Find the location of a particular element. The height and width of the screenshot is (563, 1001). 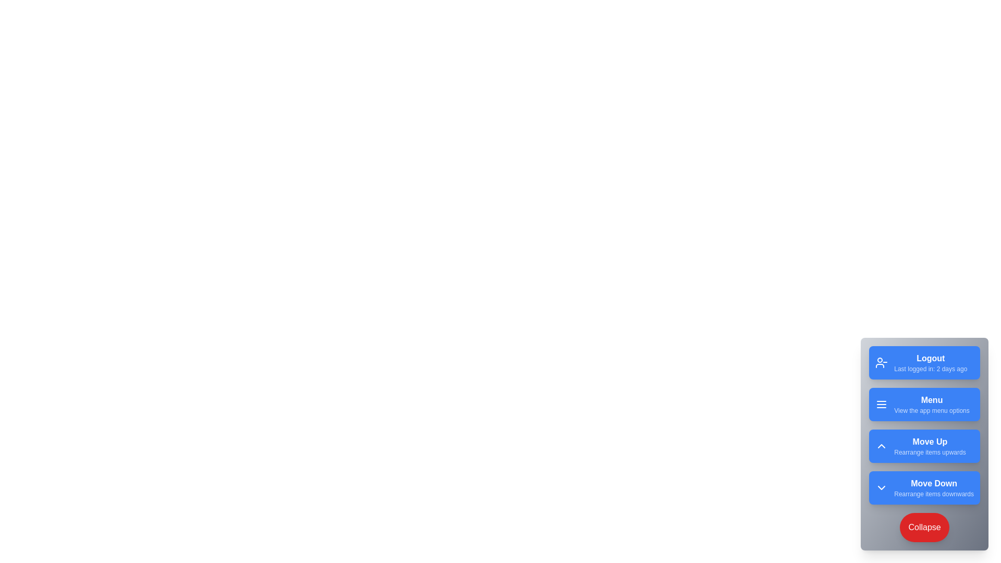

the 'Move Up' button, which is styled with bold text and has a blue background is located at coordinates (930, 446).